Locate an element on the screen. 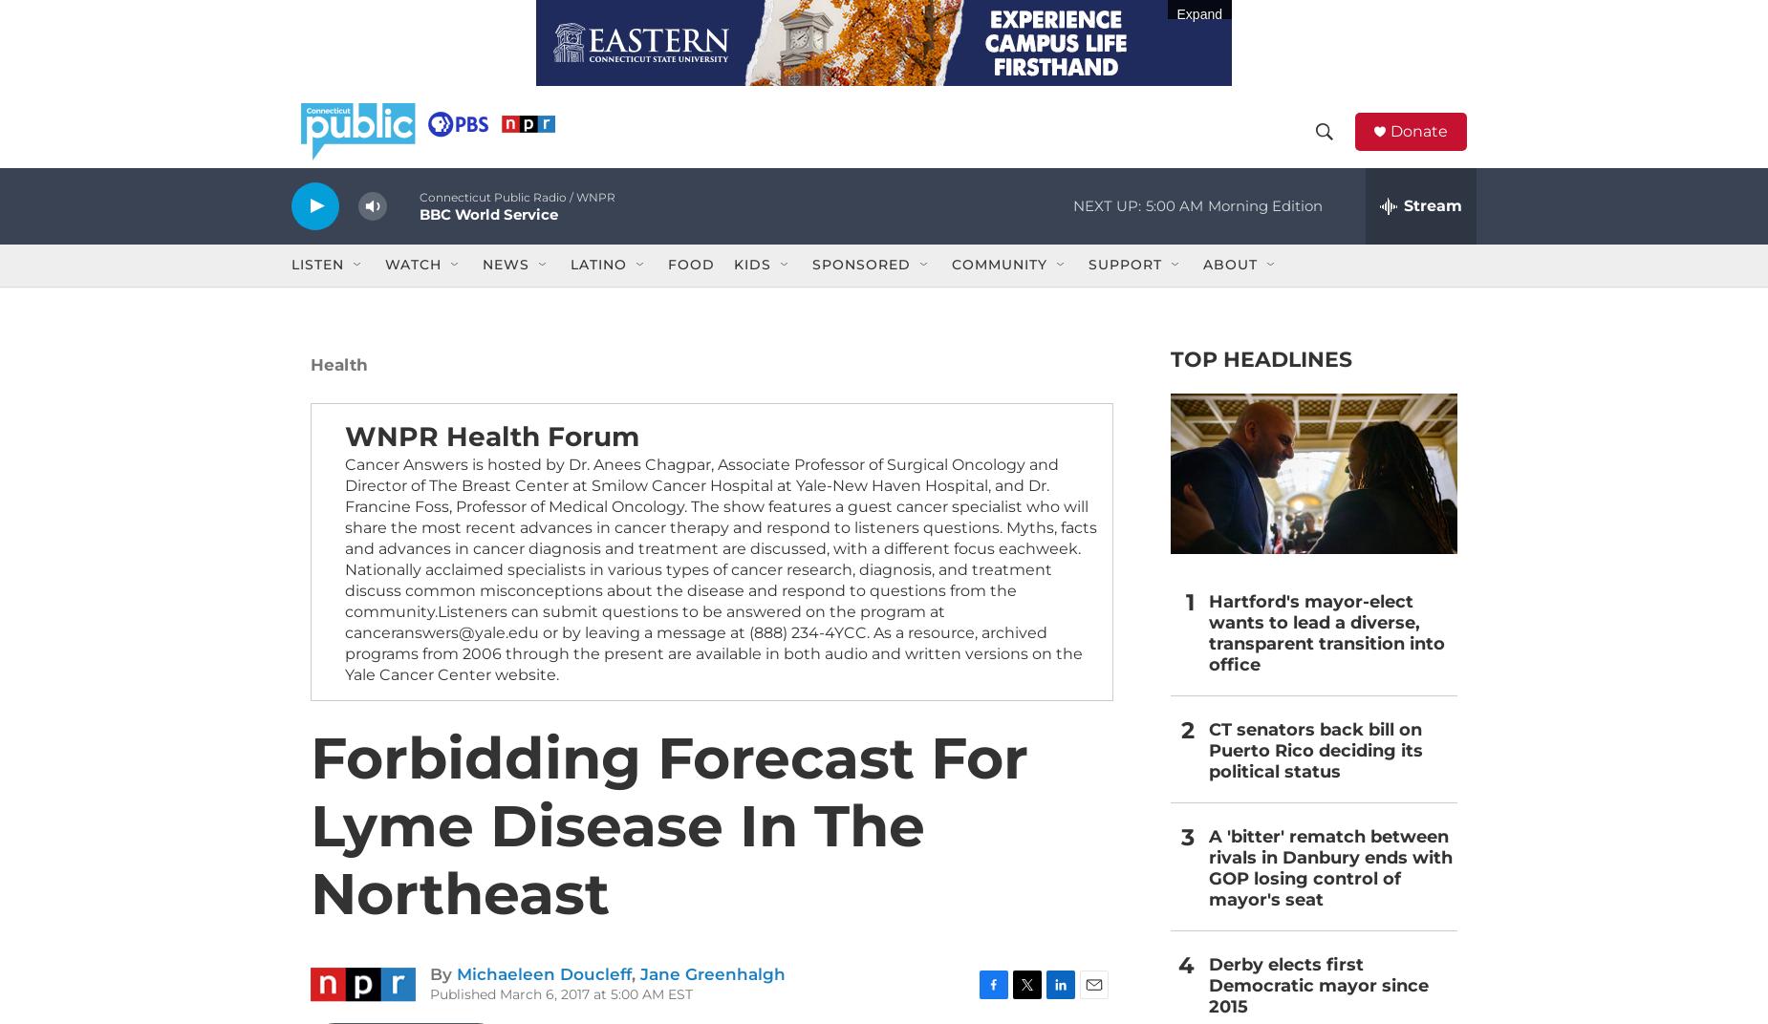 The height and width of the screenshot is (1024, 1768). 'Community' is located at coordinates (998, 290).